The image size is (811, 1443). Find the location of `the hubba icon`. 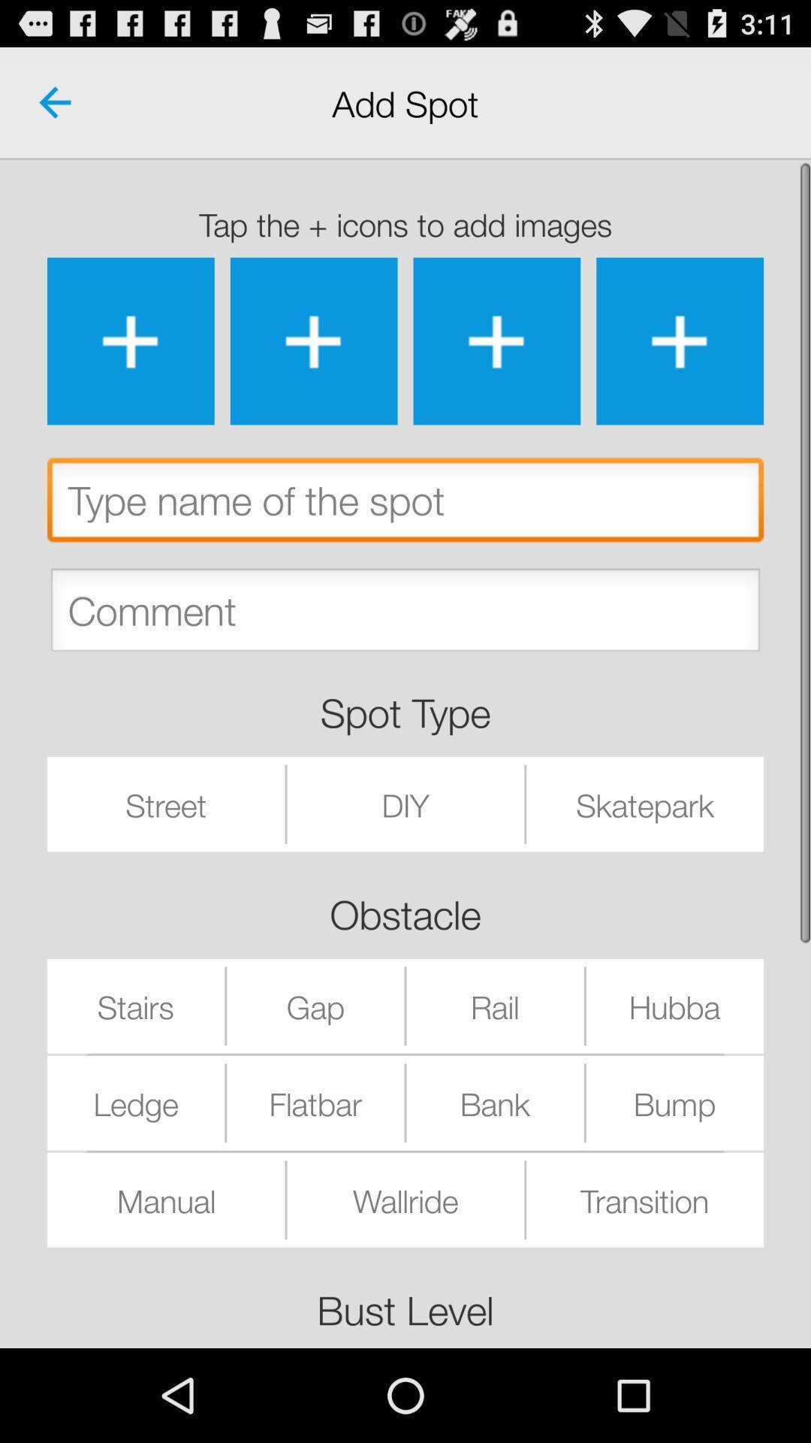

the hubba icon is located at coordinates (674, 1006).